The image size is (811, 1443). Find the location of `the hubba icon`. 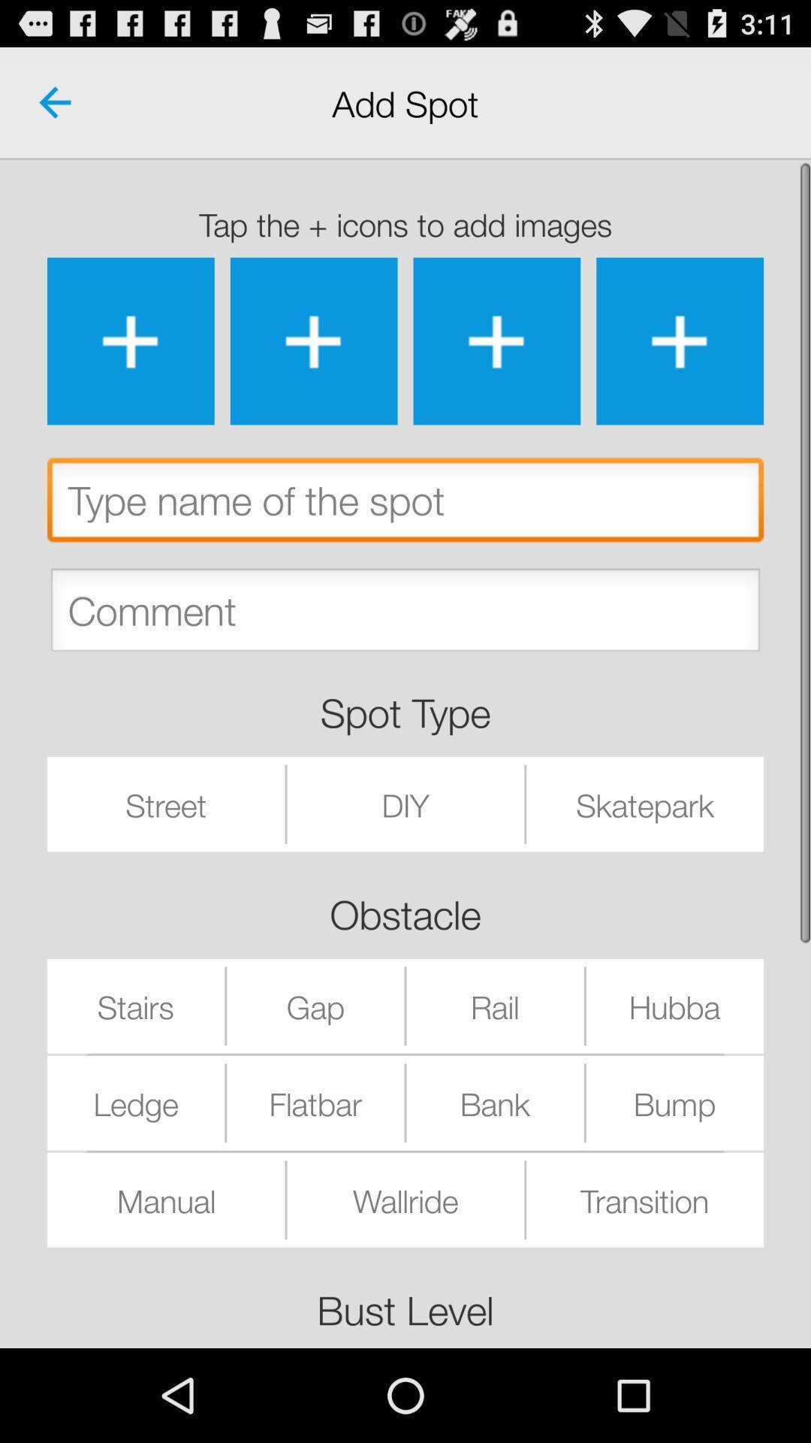

the hubba icon is located at coordinates (674, 1006).